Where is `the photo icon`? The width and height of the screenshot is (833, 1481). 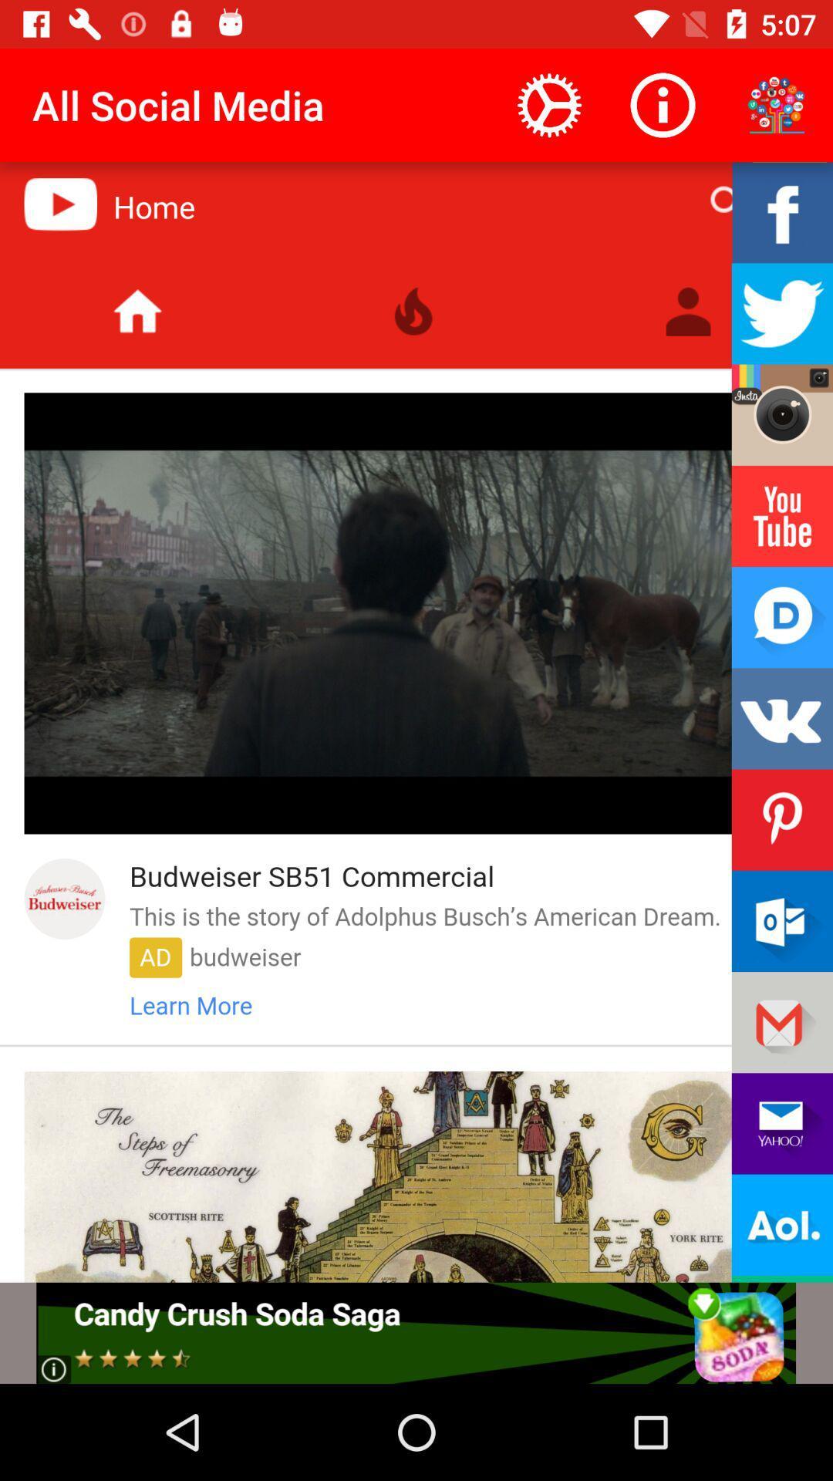
the photo icon is located at coordinates (782, 415).